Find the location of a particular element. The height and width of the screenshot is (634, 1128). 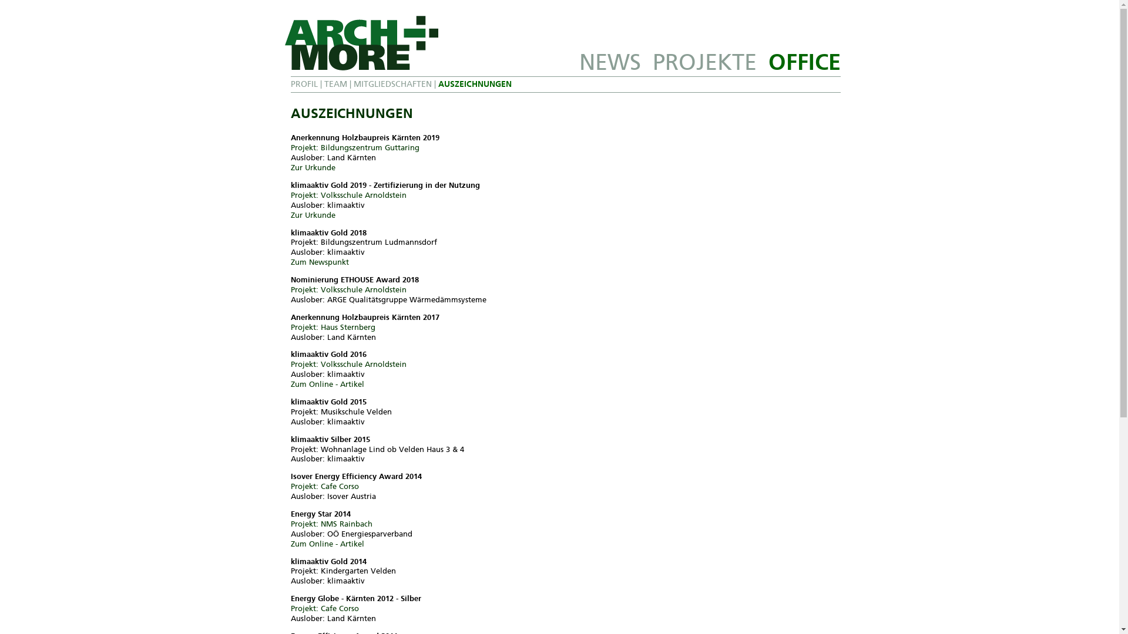

'Zum Online - Artikel' is located at coordinates (327, 384).